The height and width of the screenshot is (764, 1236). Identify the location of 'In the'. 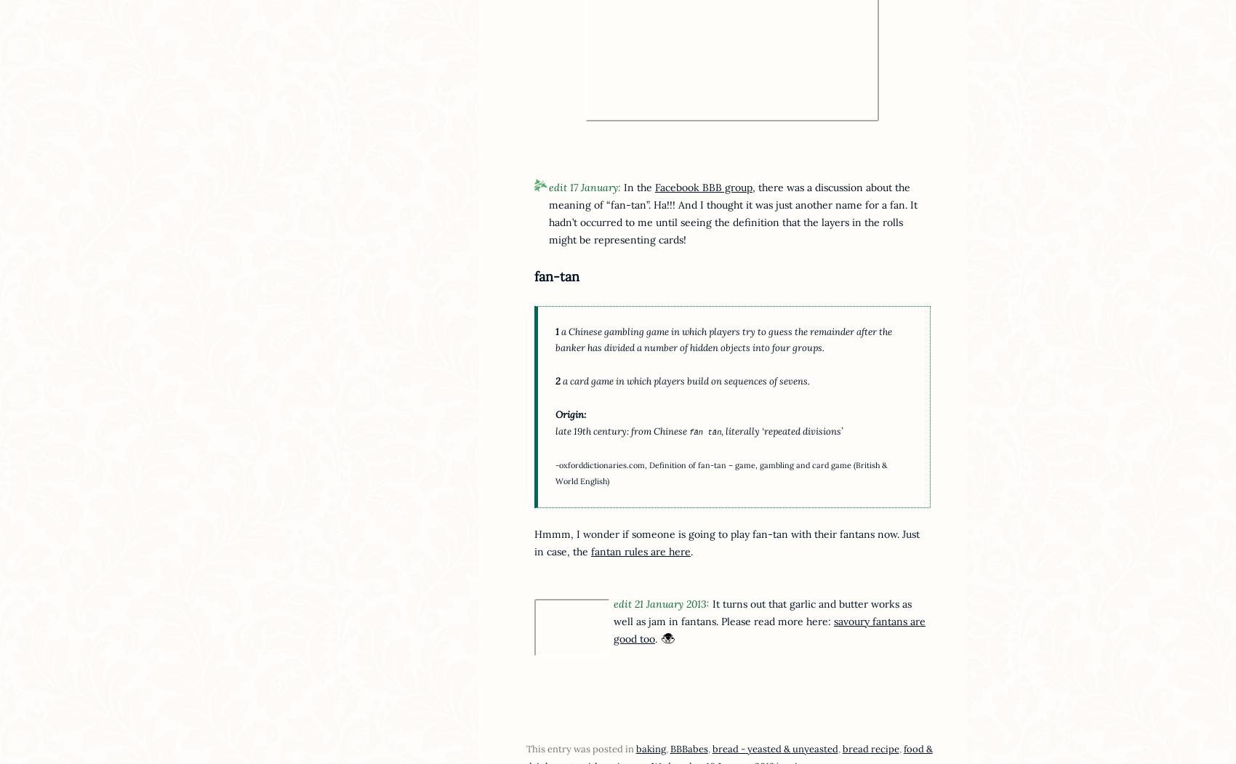
(620, 186).